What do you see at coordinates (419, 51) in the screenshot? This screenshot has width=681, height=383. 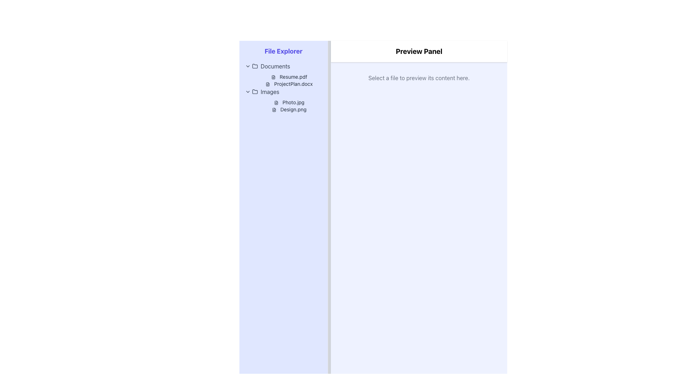 I see `text from the bold 'Preview Panel' label located in the header section of the right panel, which is visually distinct with a large font size in black color` at bounding box center [419, 51].